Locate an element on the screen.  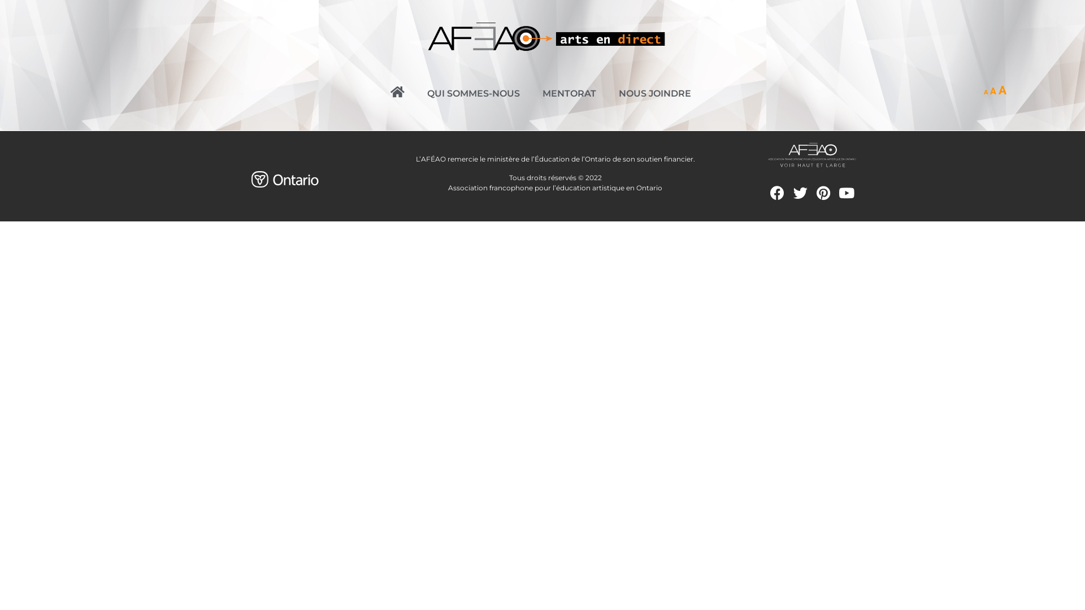
'A' is located at coordinates (998, 89).